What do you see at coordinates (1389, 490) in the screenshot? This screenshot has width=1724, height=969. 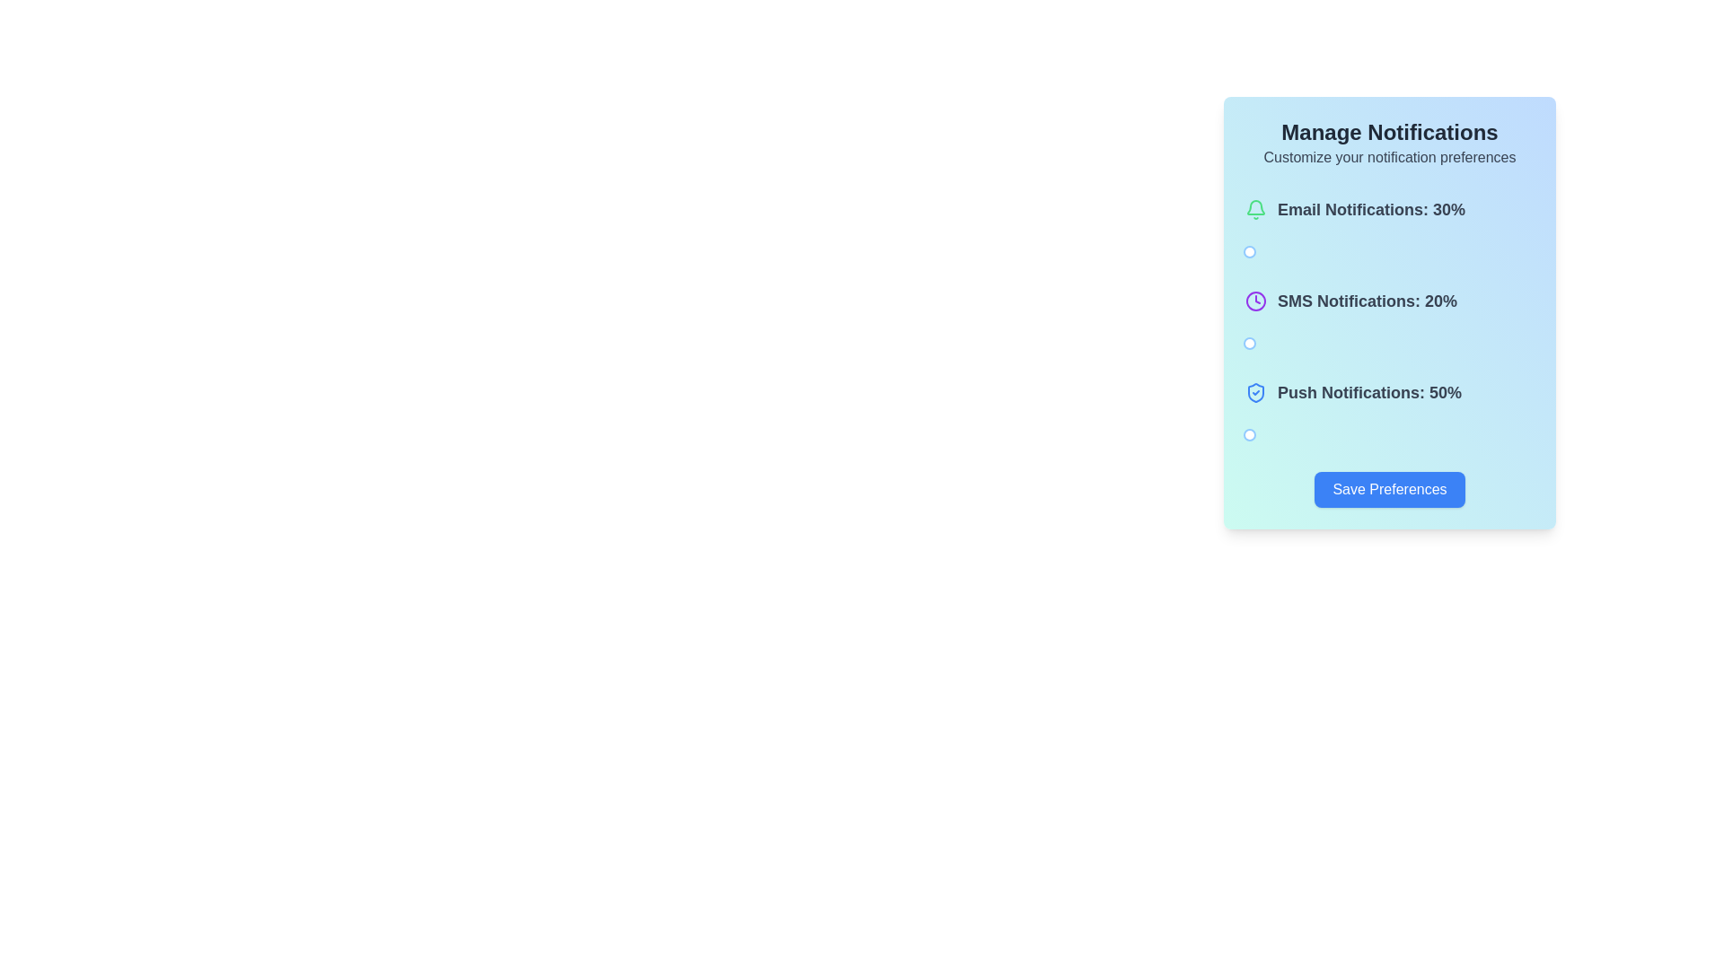 I see `the 'Save' button located at the bottom of the 'Manage Notifications' card` at bounding box center [1389, 490].